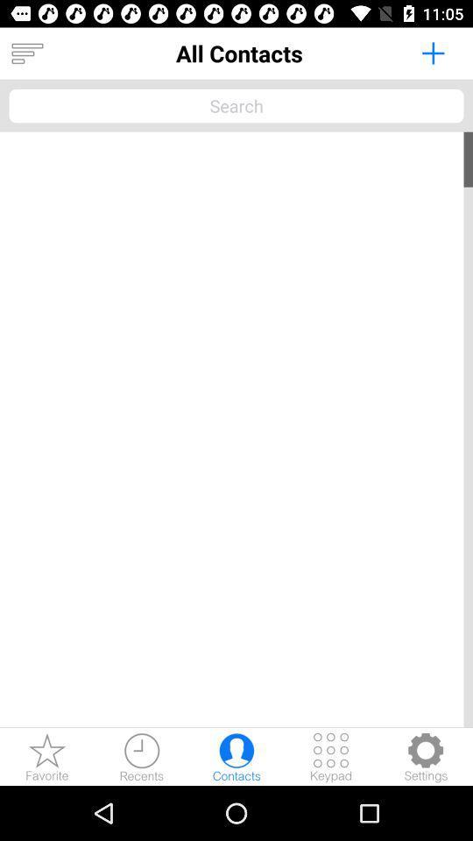 The height and width of the screenshot is (841, 473). Describe the element at coordinates (236, 105) in the screenshot. I see `search contacts` at that location.